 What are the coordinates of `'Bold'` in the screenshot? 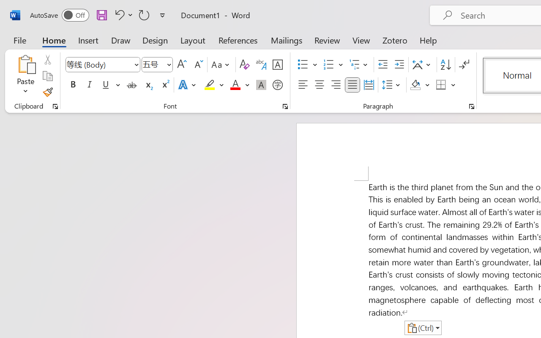 It's located at (73, 85).